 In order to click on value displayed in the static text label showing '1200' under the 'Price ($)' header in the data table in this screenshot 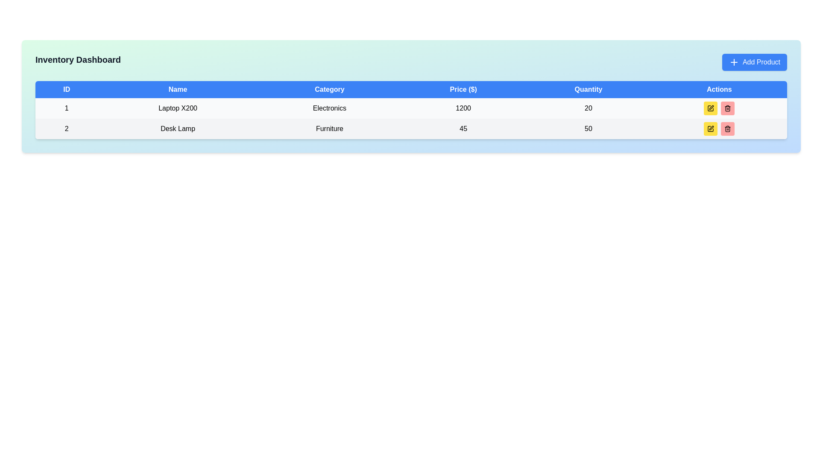, I will do `click(463, 108)`.